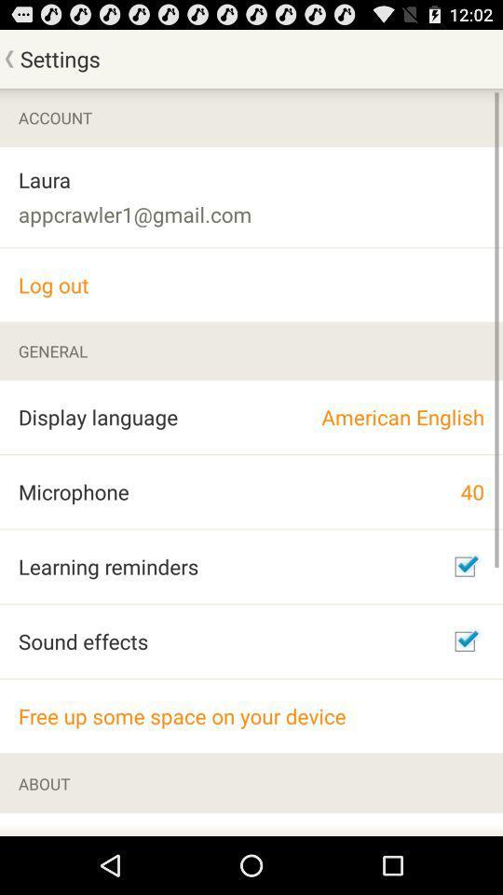 The width and height of the screenshot is (503, 895). What do you see at coordinates (464, 565) in the screenshot?
I see `reminders option` at bounding box center [464, 565].